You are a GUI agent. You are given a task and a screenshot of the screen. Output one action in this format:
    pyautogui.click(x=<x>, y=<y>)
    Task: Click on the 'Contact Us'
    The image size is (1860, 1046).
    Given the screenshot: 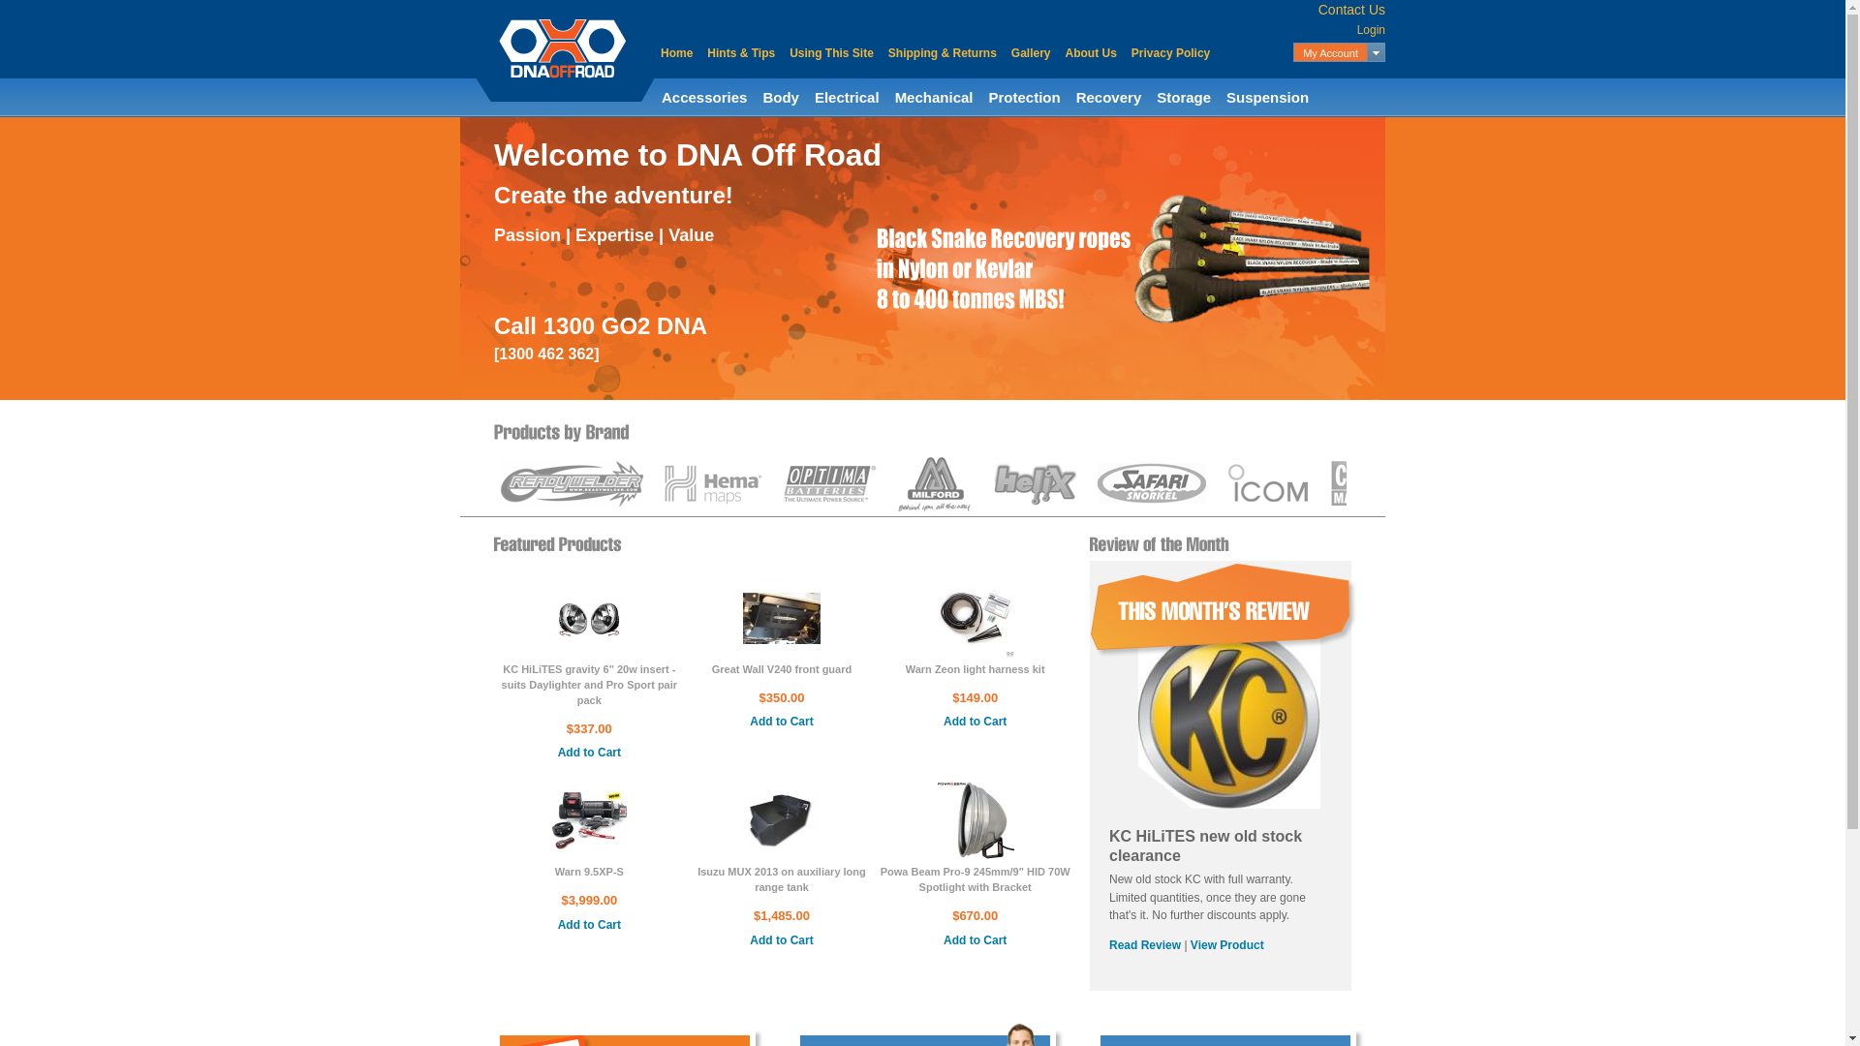 What is the action you would take?
    pyautogui.click(x=1350, y=10)
    